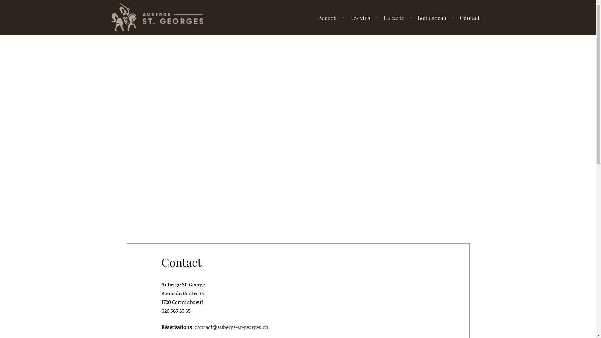 The width and height of the screenshot is (601, 338). I want to click on 'Accueil', so click(327, 17).